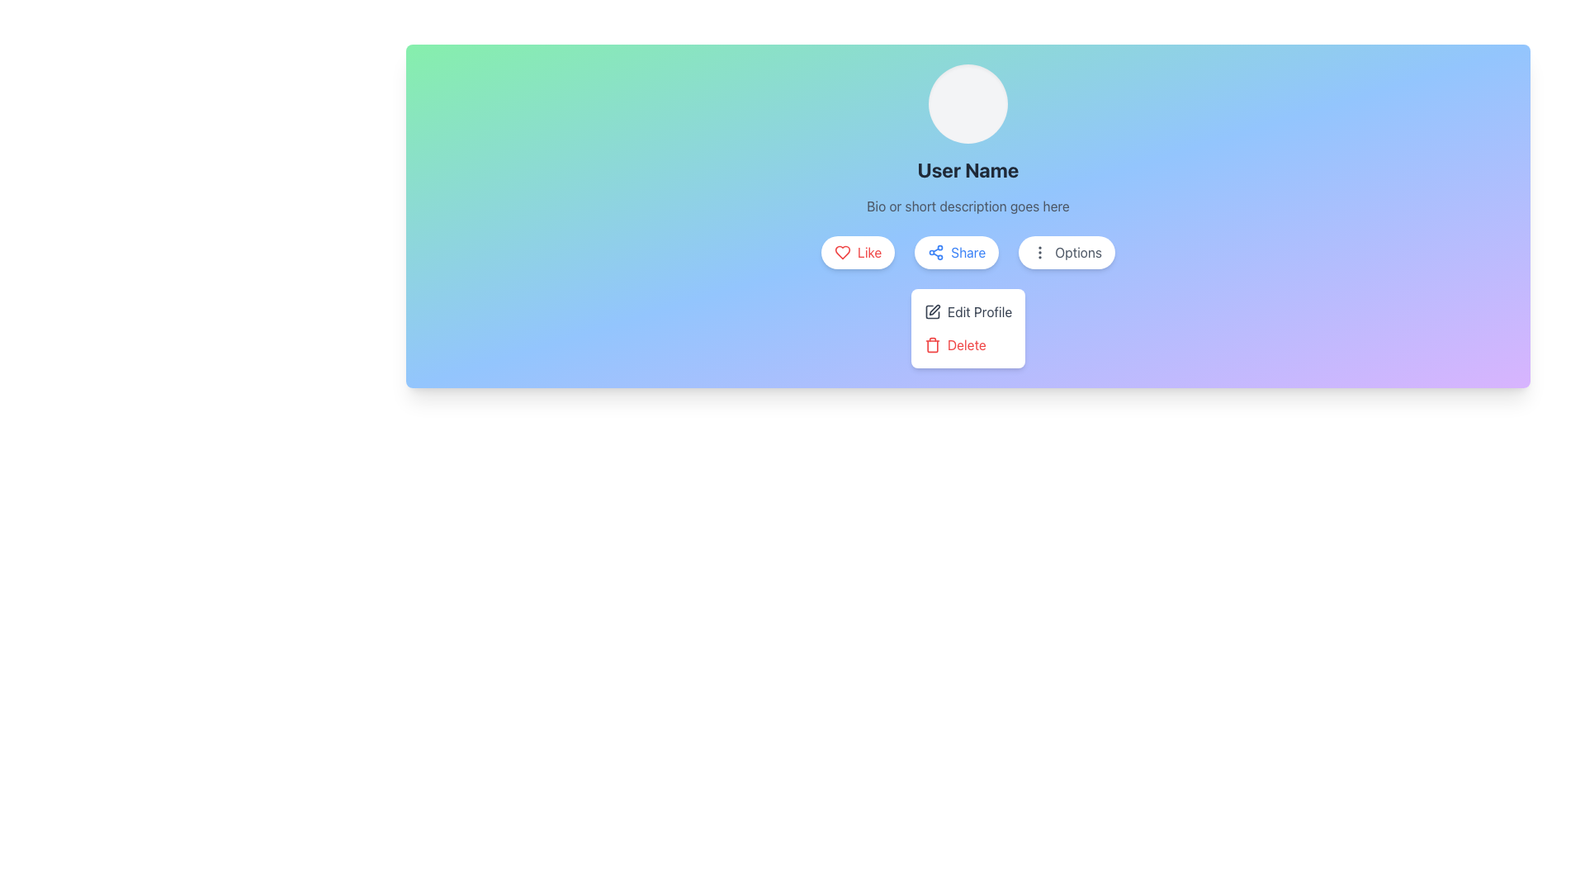 The image size is (1585, 892). Describe the element at coordinates (968, 312) in the screenshot. I see `the edit profile button located in a vertical layout above the 'Delete' button, which is part of a white card with rounded corners and shadow effects` at that location.